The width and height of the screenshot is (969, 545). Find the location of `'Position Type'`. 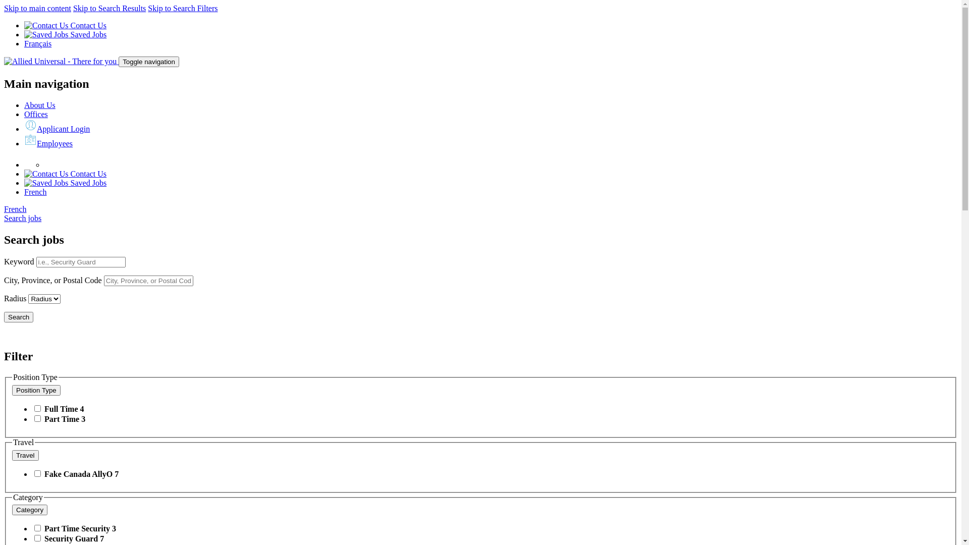

'Position Type' is located at coordinates (36, 390).